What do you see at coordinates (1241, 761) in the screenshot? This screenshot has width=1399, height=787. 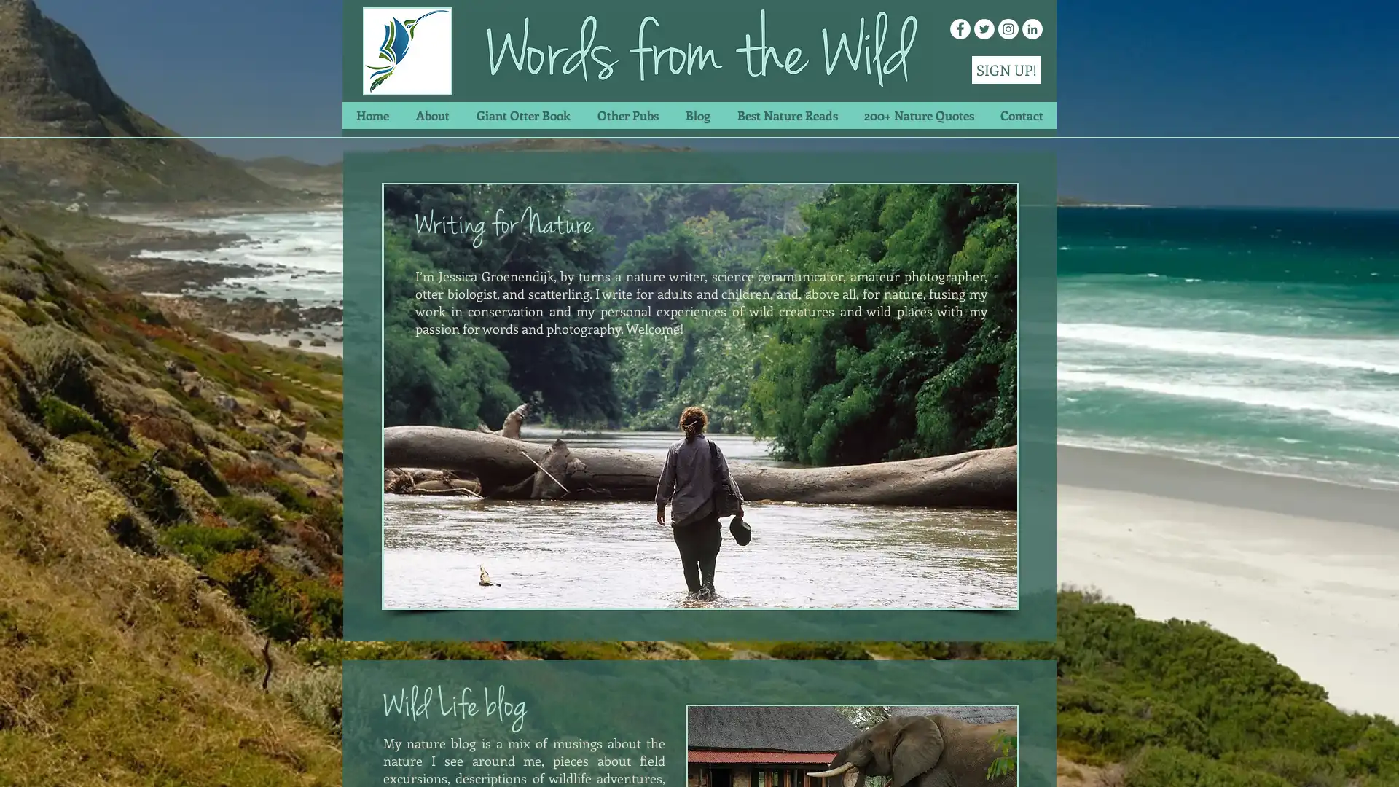 I see `Cookie Settings` at bounding box center [1241, 761].